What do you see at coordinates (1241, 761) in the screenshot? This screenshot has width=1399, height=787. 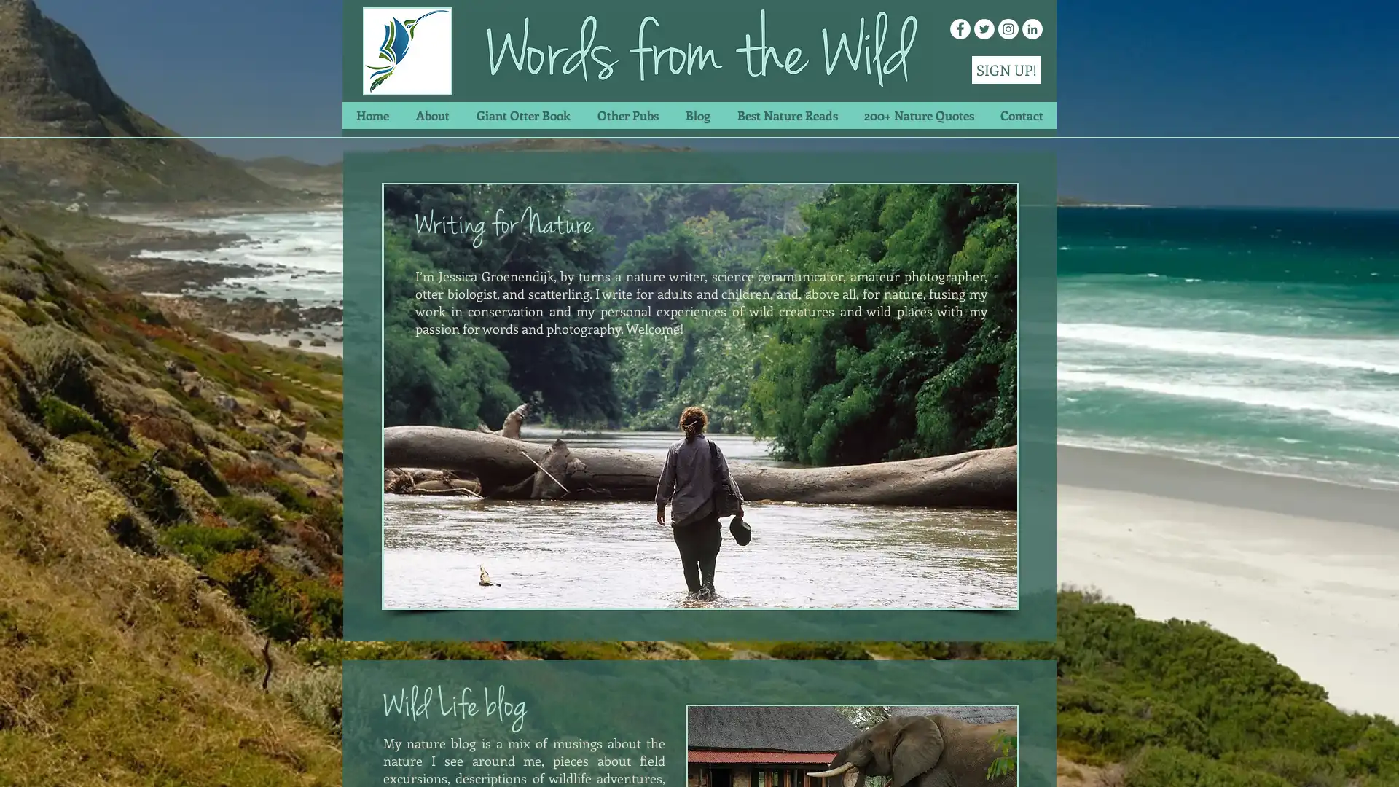 I see `Cookie Settings` at bounding box center [1241, 761].